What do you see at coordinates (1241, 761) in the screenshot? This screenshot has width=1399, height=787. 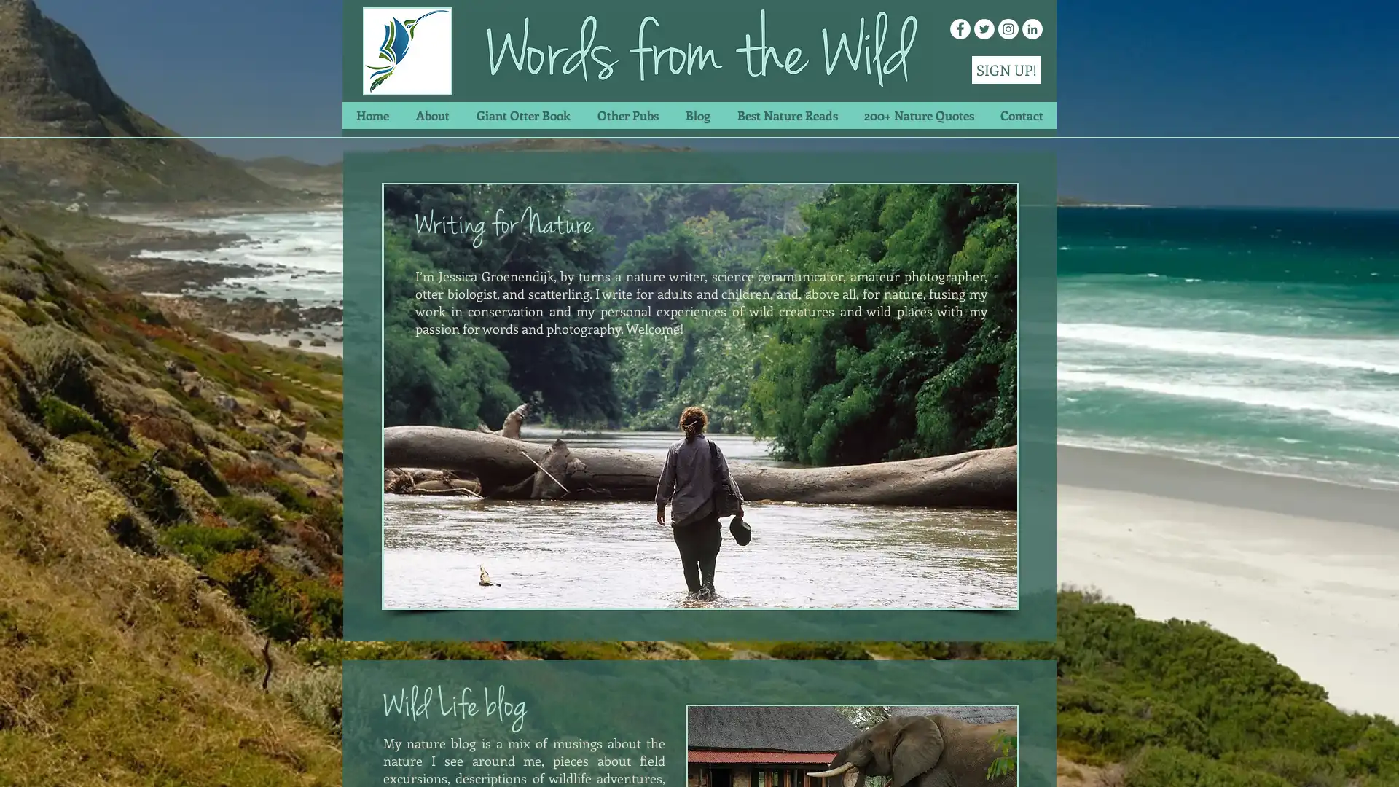 I see `Cookie Settings` at bounding box center [1241, 761].